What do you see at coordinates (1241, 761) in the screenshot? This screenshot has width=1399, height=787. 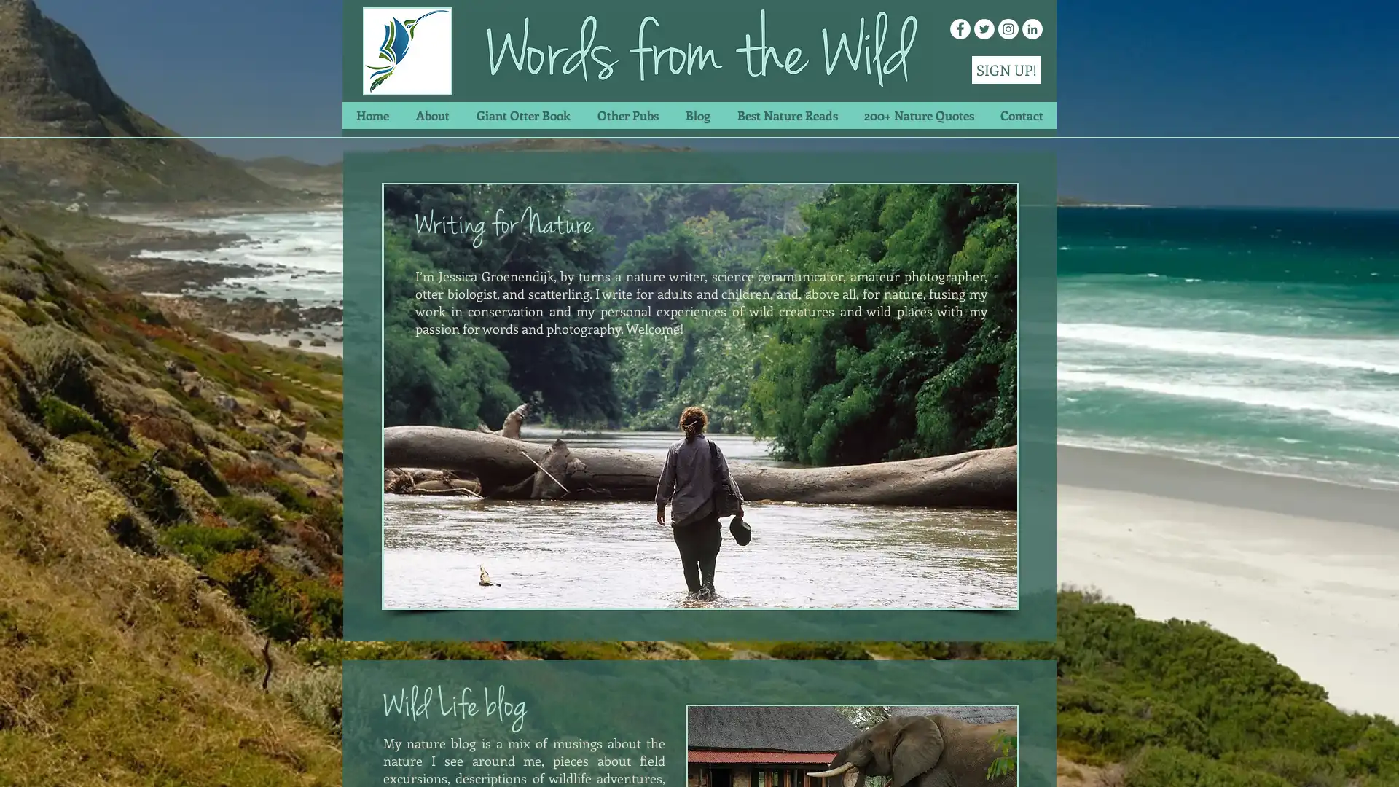 I see `Cookie Settings` at bounding box center [1241, 761].